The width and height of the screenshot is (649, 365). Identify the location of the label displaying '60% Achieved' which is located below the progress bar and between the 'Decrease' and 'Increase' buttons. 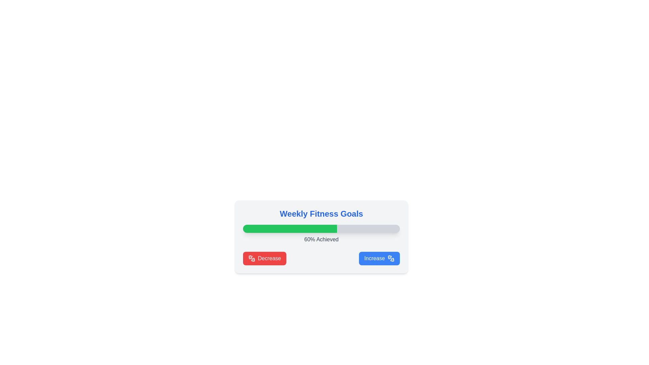
(321, 239).